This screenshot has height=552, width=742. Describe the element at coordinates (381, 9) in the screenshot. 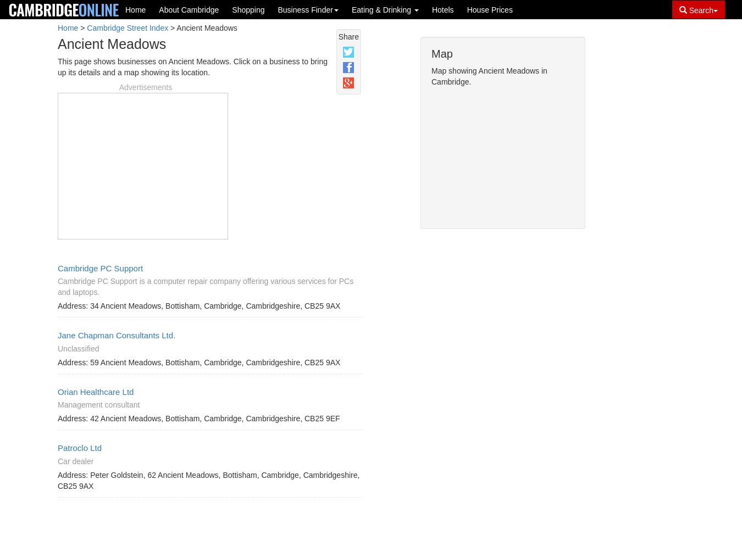

I see `'Eating & Drinking'` at that location.